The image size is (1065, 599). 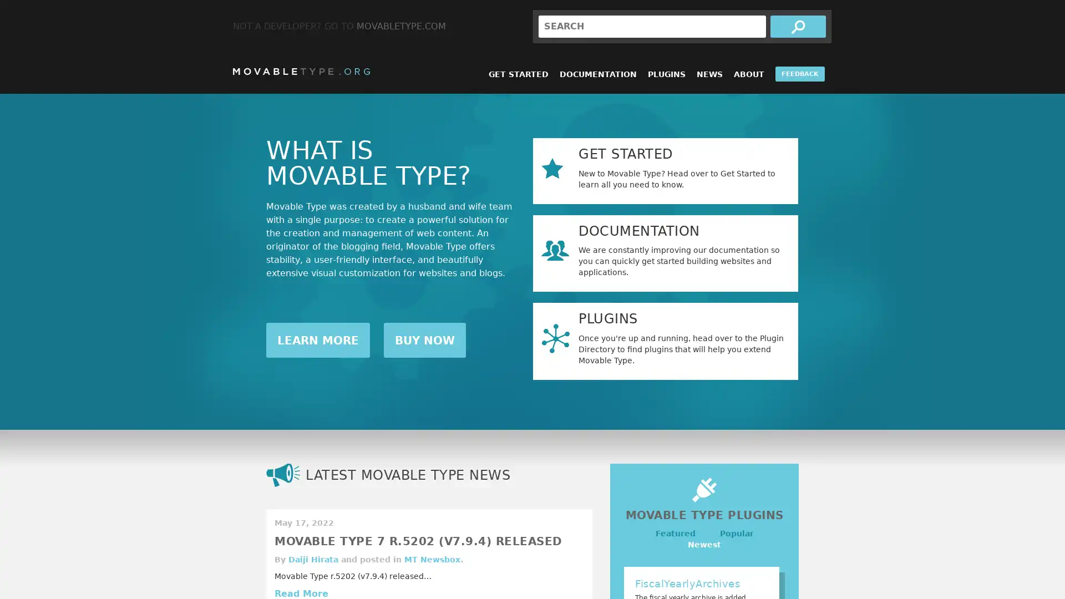 What do you see at coordinates (798, 26) in the screenshot?
I see `search` at bounding box center [798, 26].